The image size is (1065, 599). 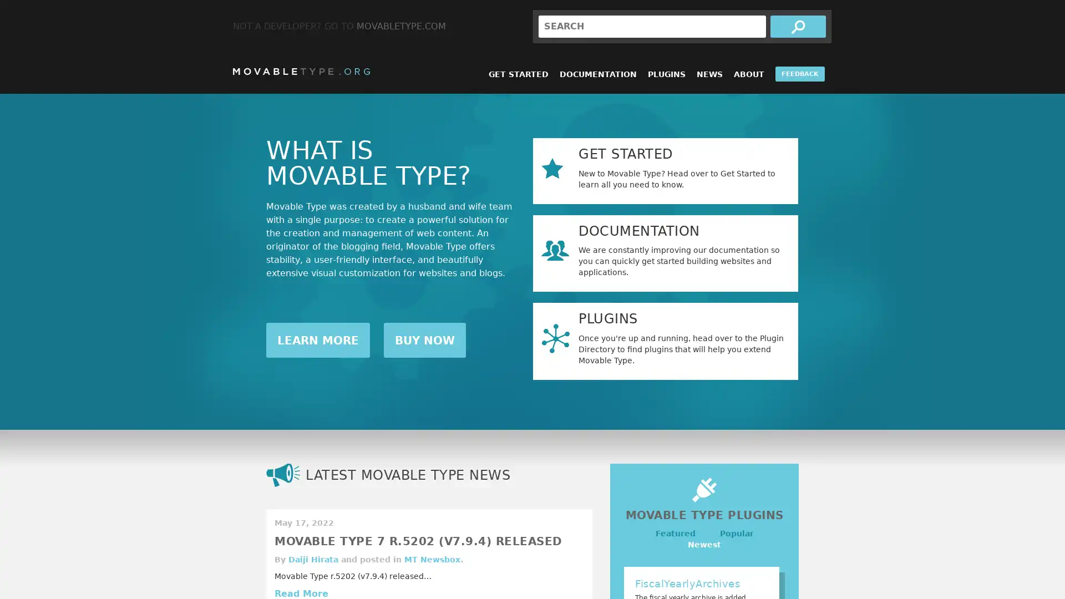 What do you see at coordinates (798, 26) in the screenshot?
I see `search` at bounding box center [798, 26].